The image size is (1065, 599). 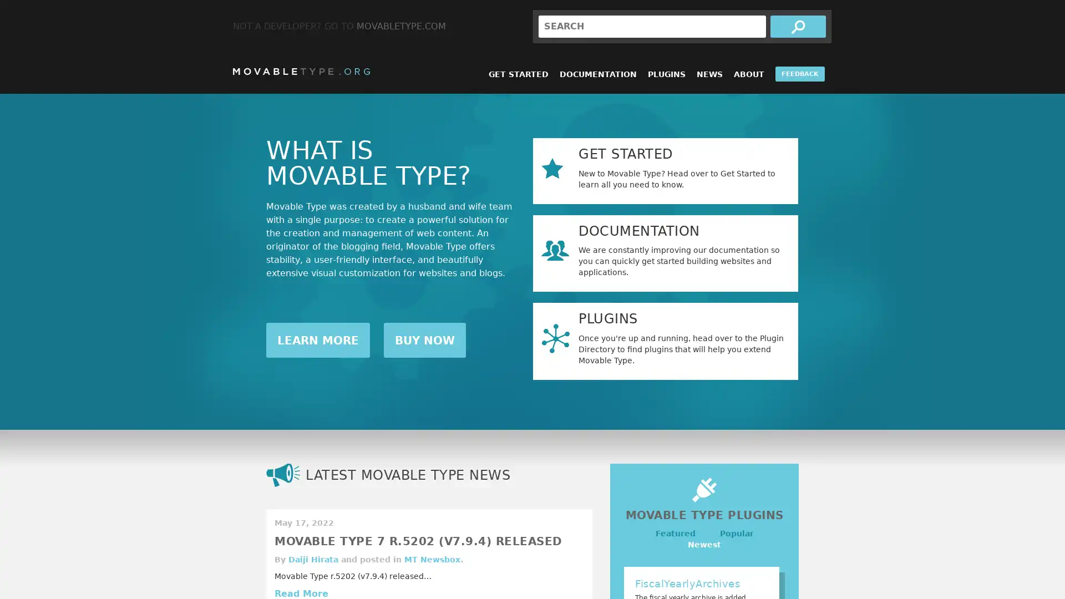 What do you see at coordinates (798, 26) in the screenshot?
I see `search` at bounding box center [798, 26].